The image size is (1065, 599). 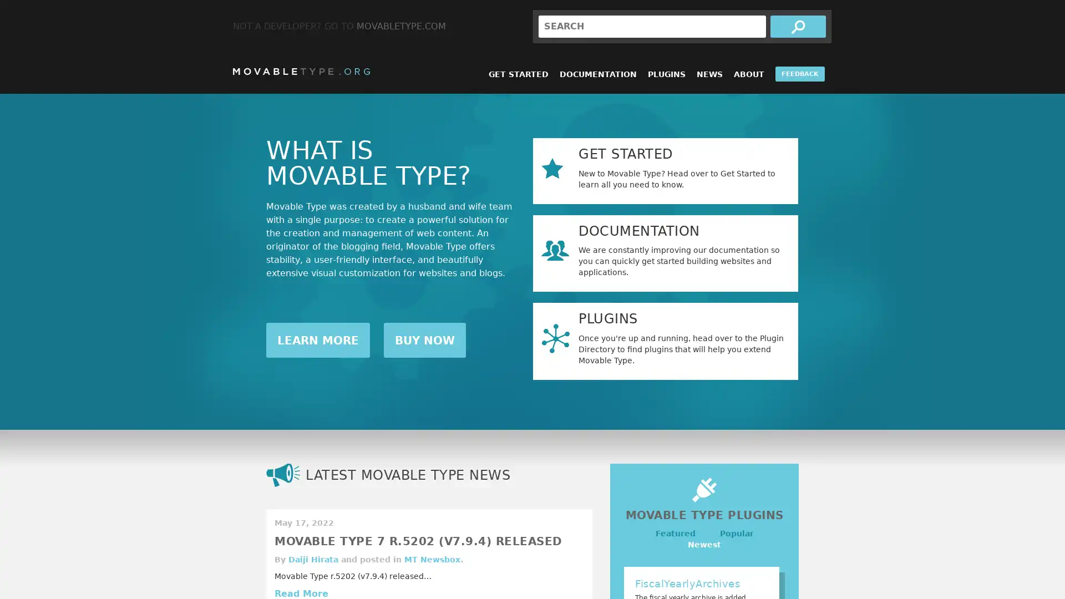 What do you see at coordinates (798, 26) in the screenshot?
I see `search` at bounding box center [798, 26].